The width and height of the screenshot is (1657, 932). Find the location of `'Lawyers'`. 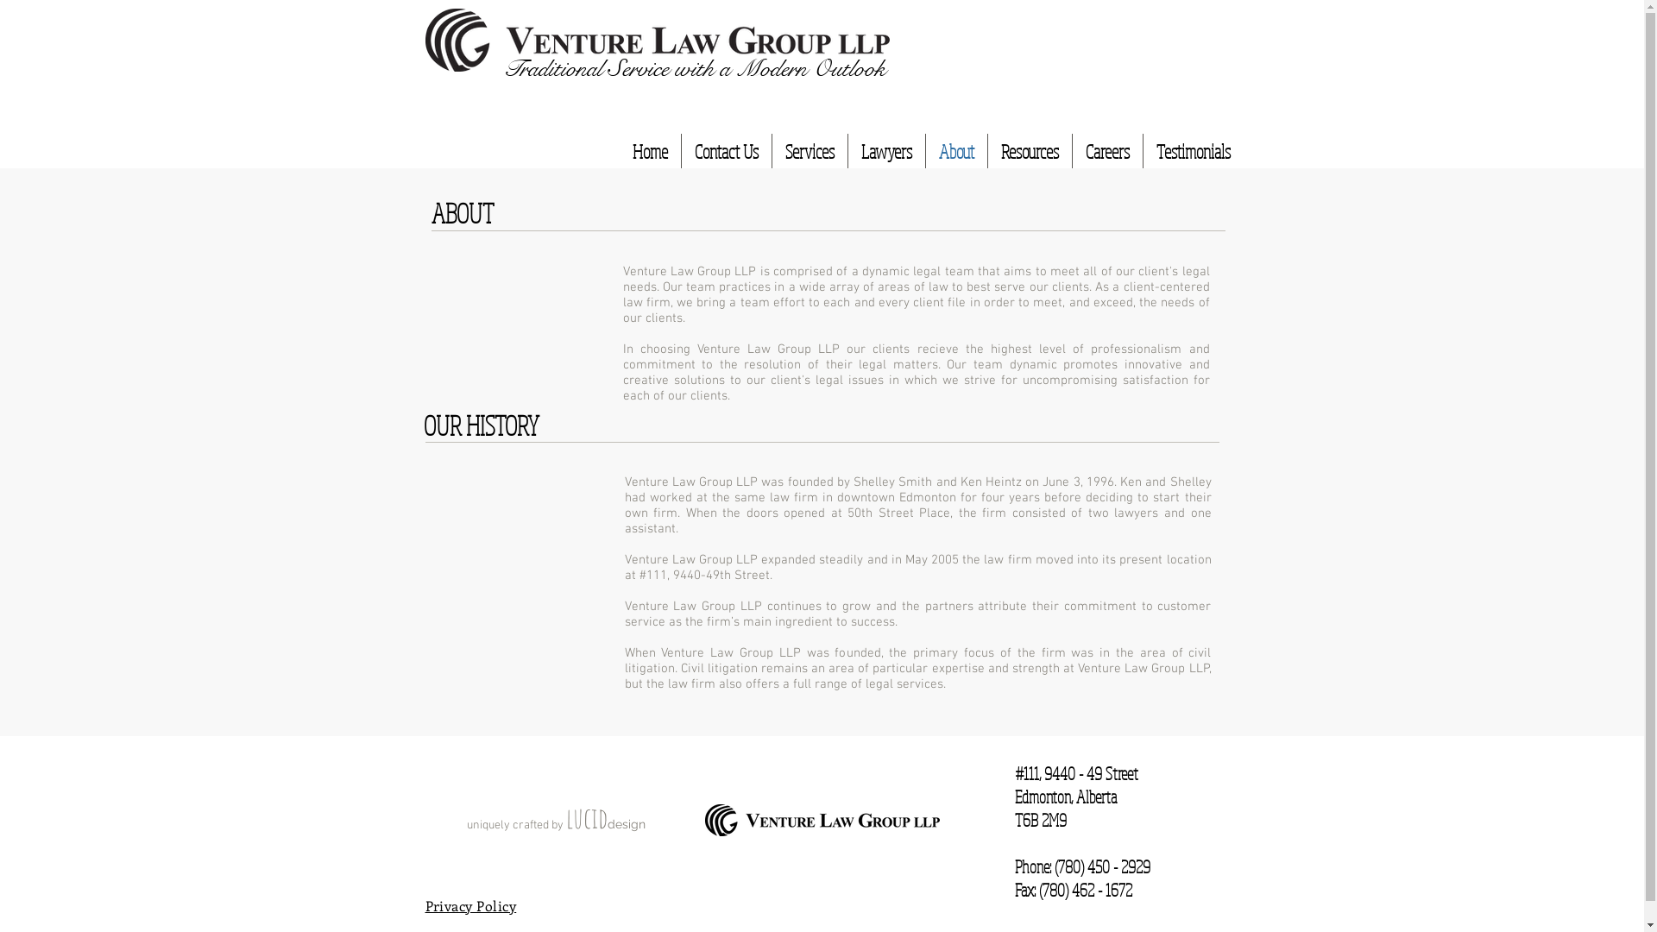

'Lawyers' is located at coordinates (847, 149).